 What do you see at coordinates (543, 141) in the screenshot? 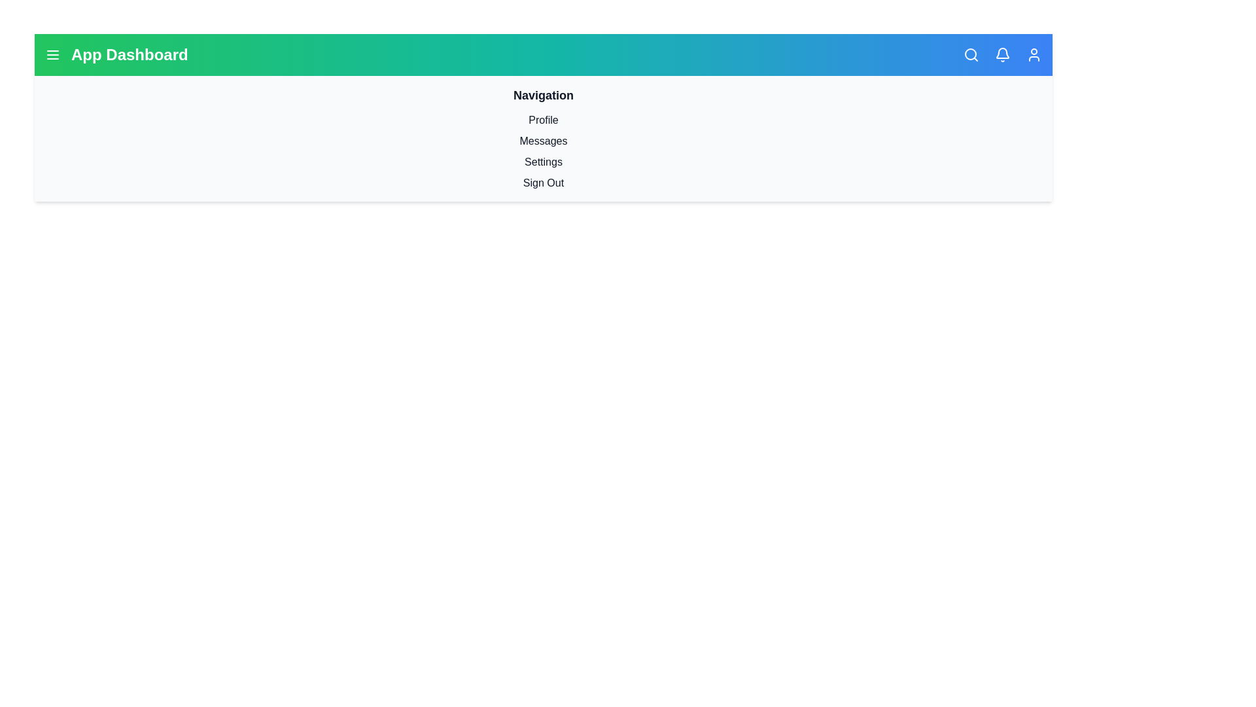
I see `the menu item labeled Messages to navigate to the respective section` at bounding box center [543, 141].